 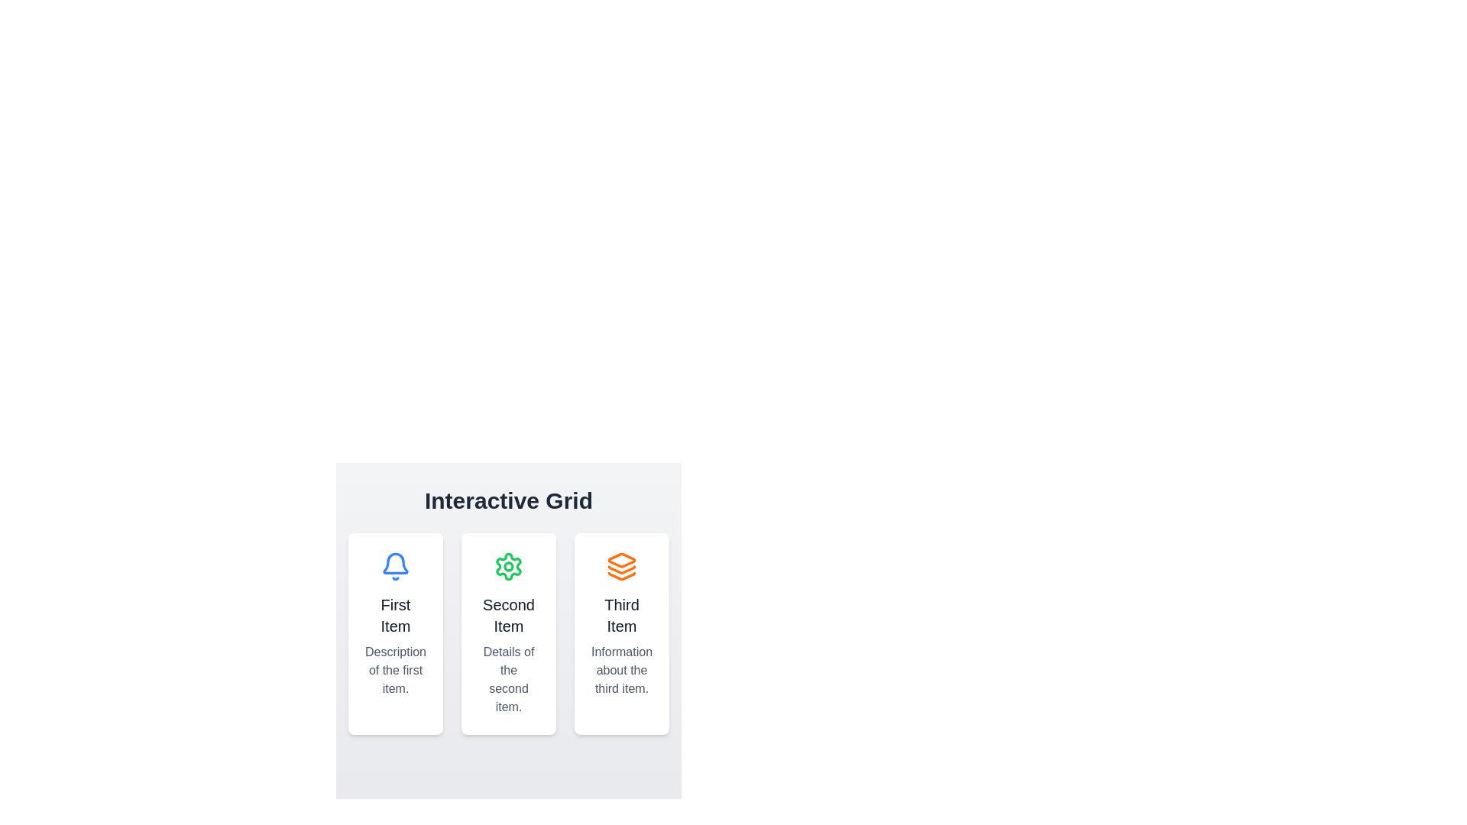 I want to click on the third card in the grid layout that visually represents the item with a title, icon, and description, so click(x=622, y=633).